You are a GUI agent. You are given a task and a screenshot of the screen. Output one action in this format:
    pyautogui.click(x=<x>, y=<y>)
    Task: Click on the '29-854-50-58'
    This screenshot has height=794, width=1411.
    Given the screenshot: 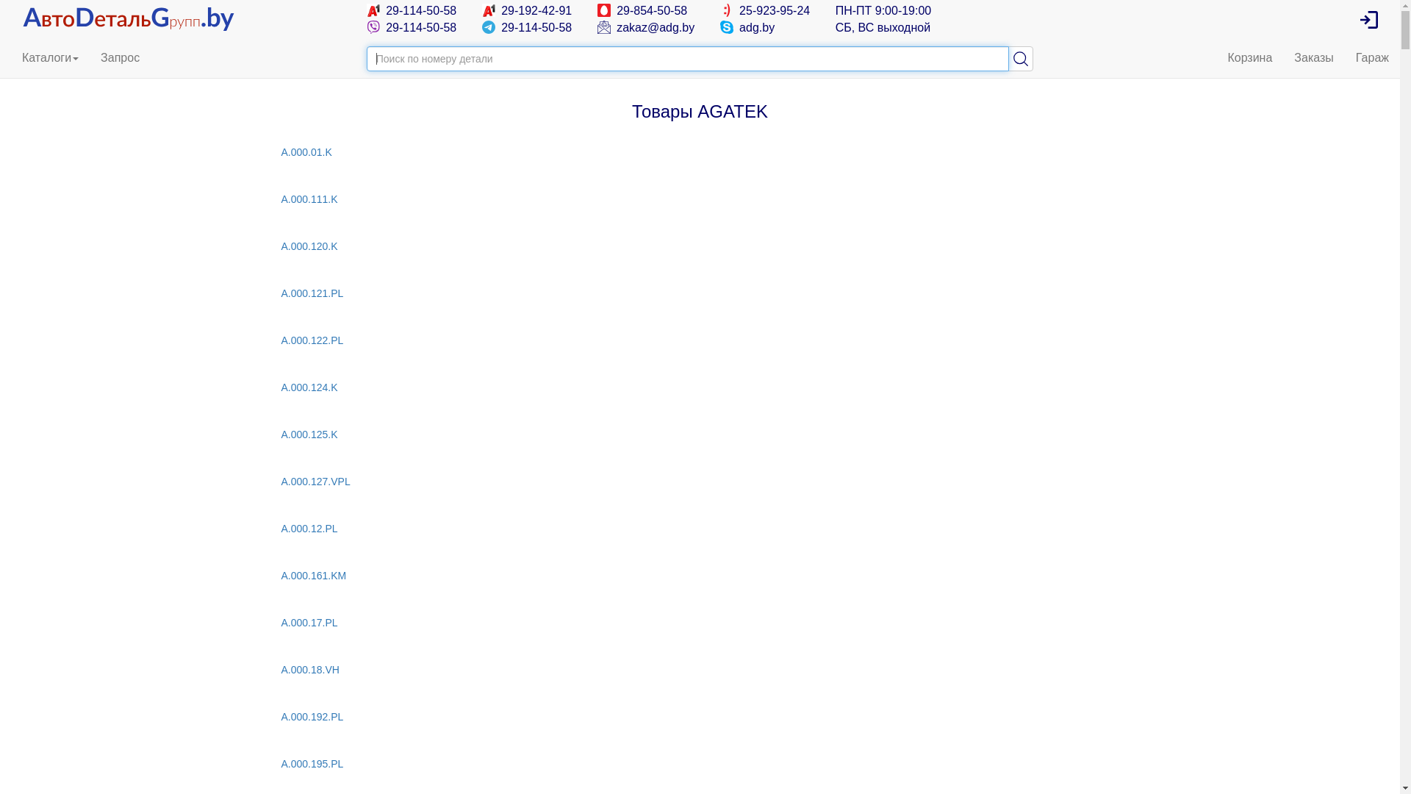 What is the action you would take?
    pyautogui.click(x=642, y=10)
    